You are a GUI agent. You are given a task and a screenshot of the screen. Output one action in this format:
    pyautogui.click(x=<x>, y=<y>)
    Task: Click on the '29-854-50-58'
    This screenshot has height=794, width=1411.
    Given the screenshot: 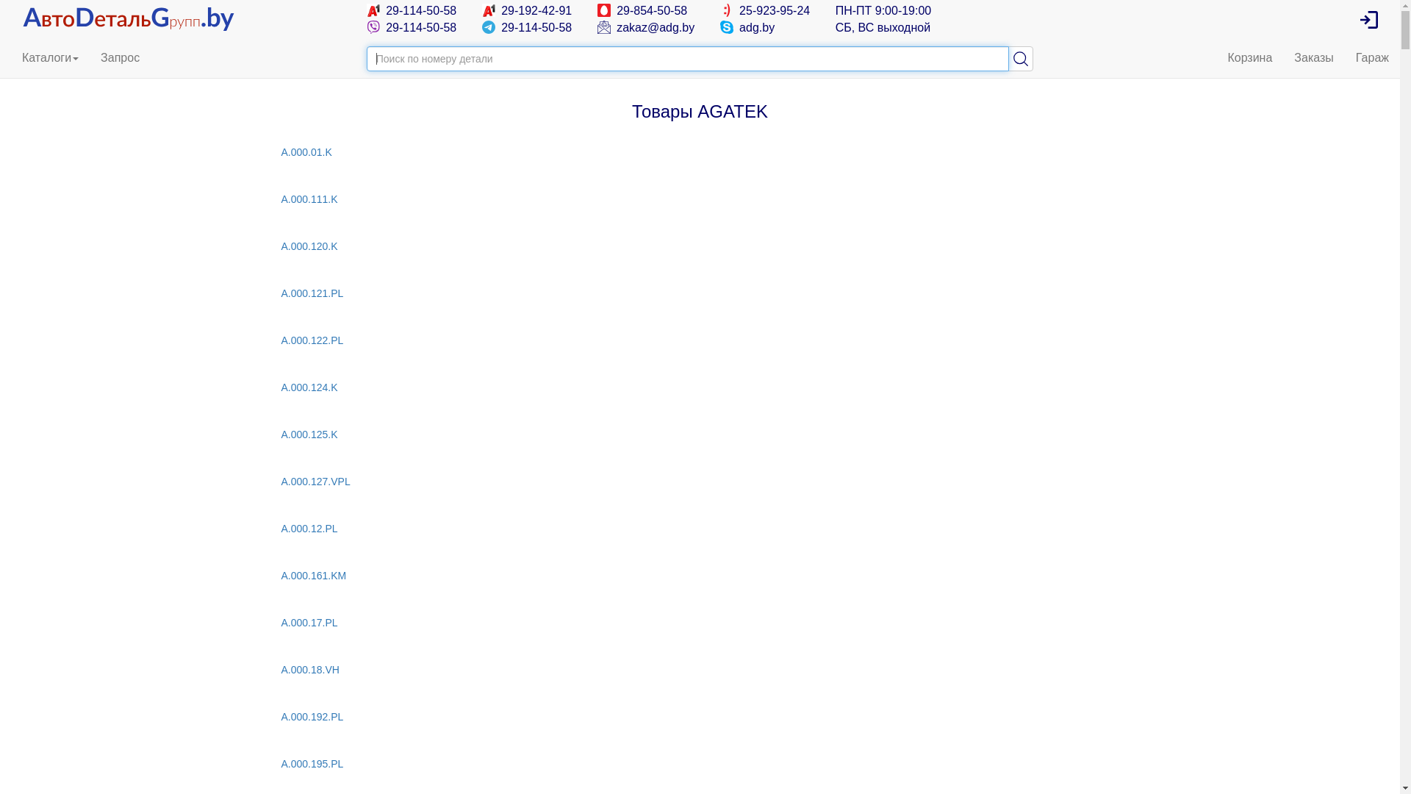 What is the action you would take?
    pyautogui.click(x=642, y=10)
    